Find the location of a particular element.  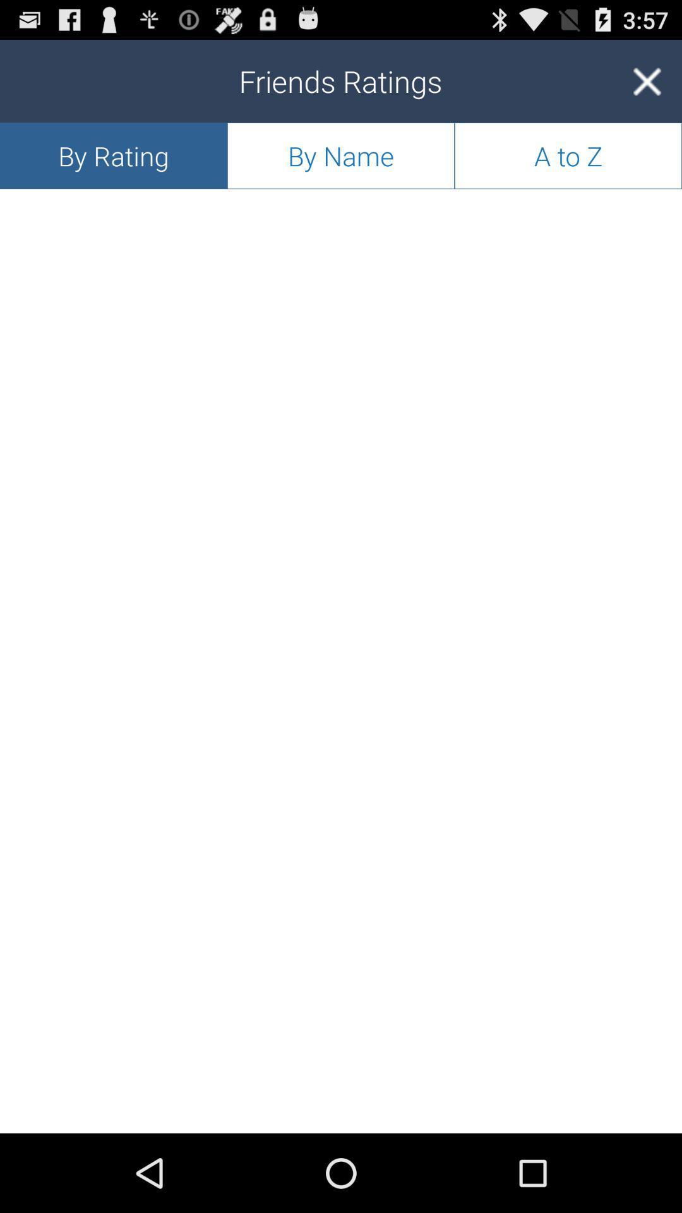

app to the right of the by name icon is located at coordinates (647, 80).